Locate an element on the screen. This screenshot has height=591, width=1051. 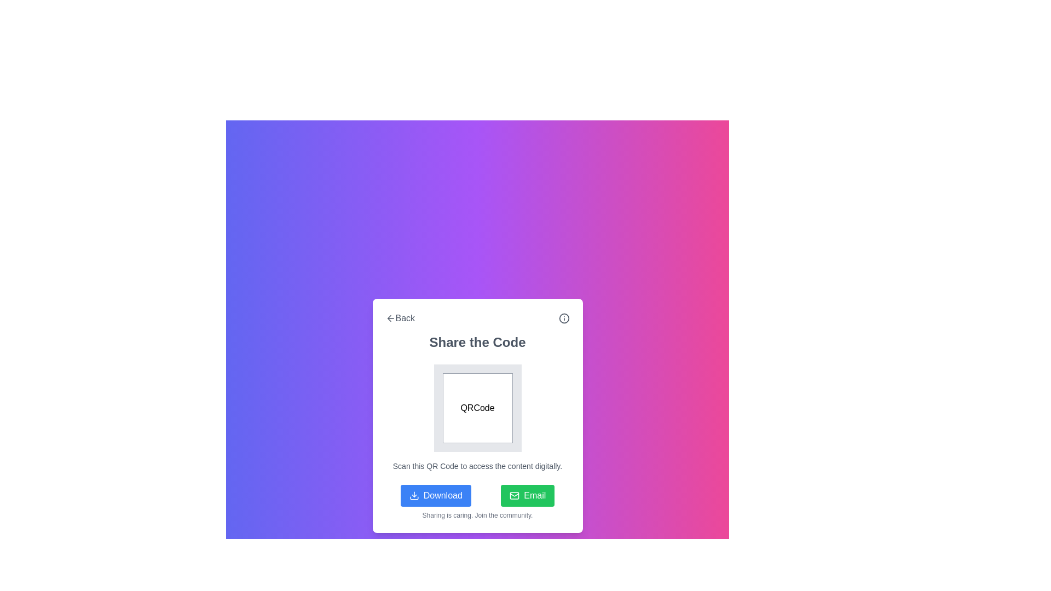
the static text label displaying 'Sharing is caring. Join the community.' located at the bottom of a rectangular card component, below the 'Download' and 'Email' buttons is located at coordinates (477, 515).